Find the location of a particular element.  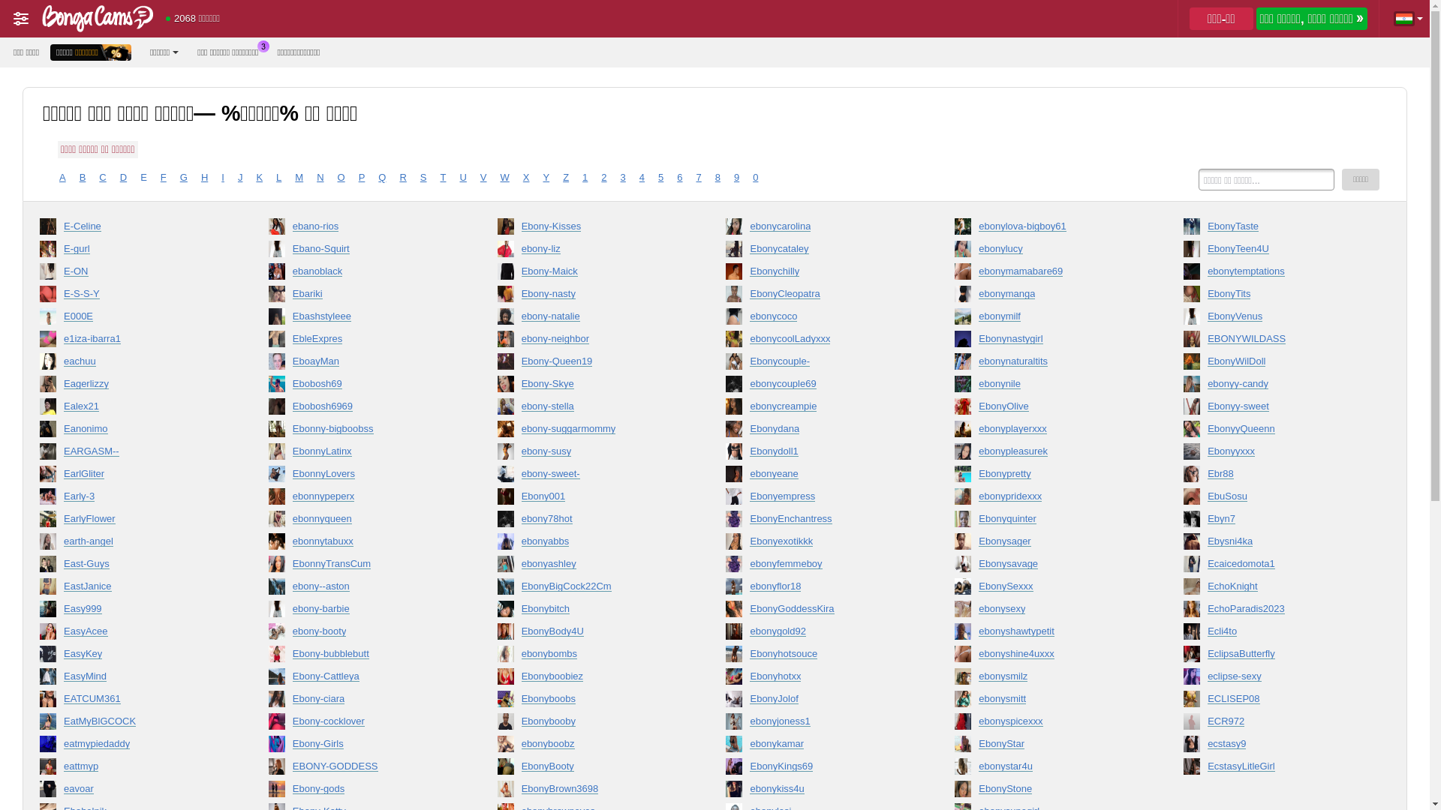

'ebony-suggarmommy' is located at coordinates (590, 431).